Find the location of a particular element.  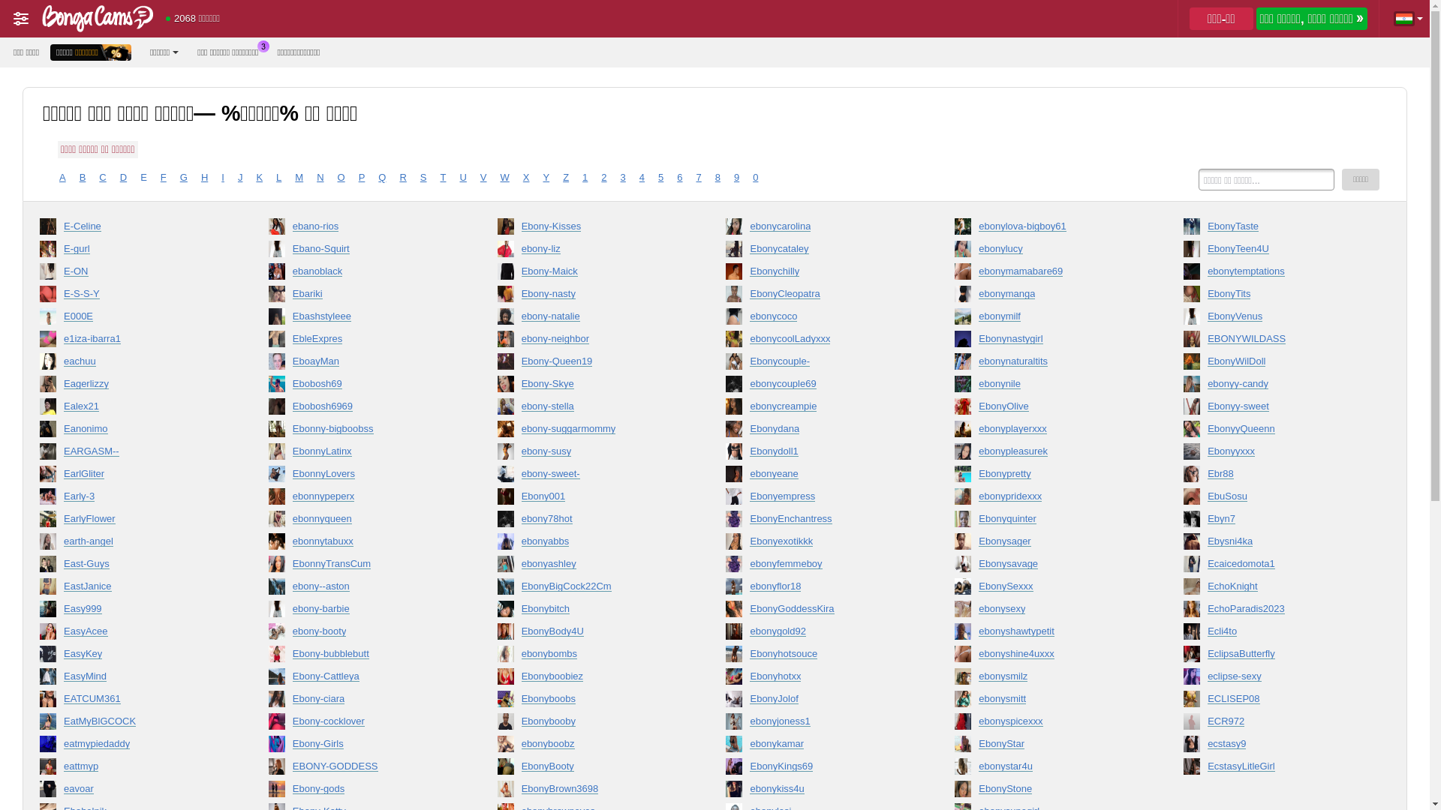

'ebony-suggarmommy' is located at coordinates (590, 431).